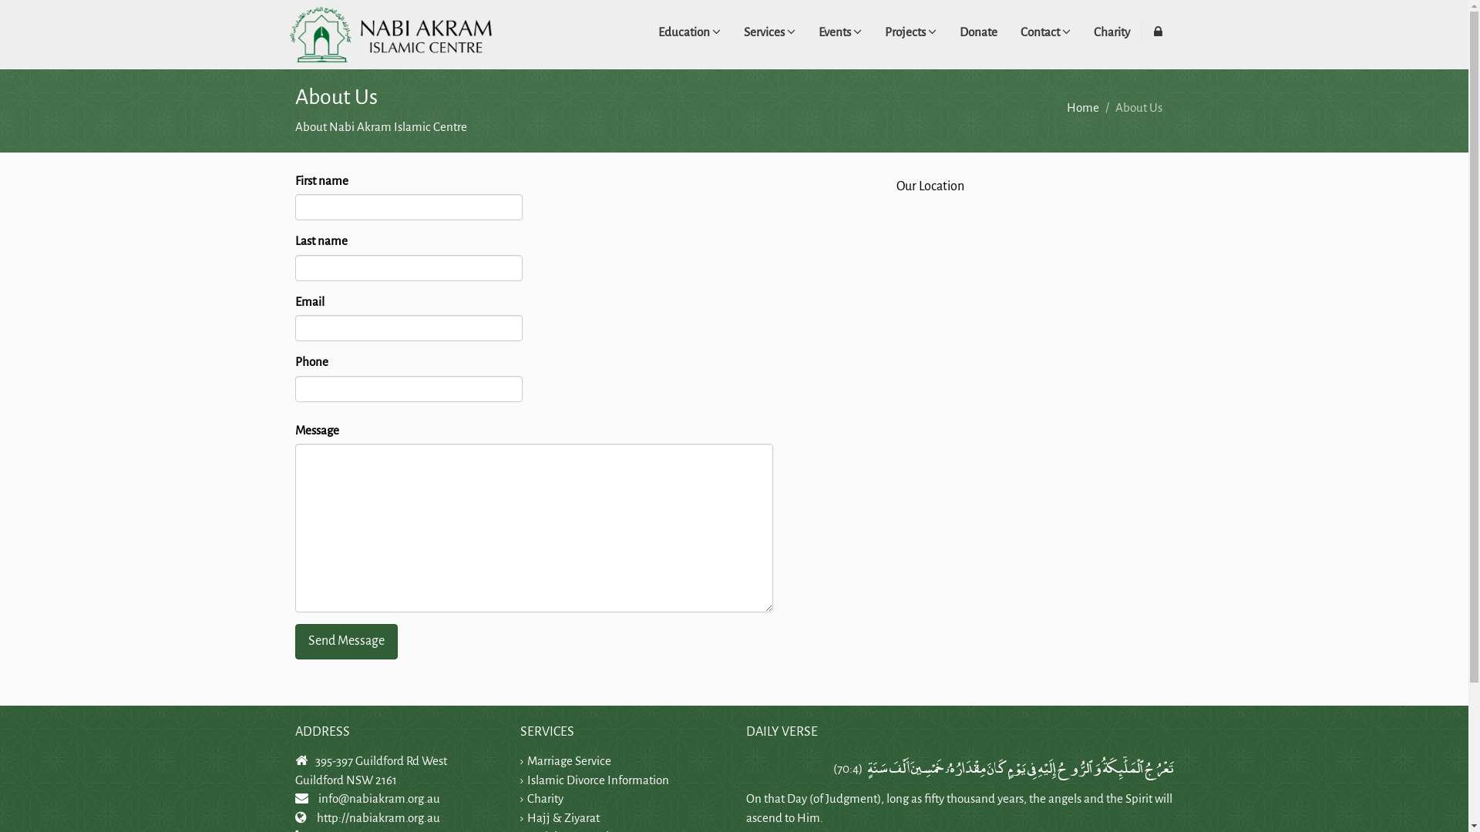 Image resolution: width=1480 pixels, height=832 pixels. What do you see at coordinates (377, 817) in the screenshot?
I see `'http://nabiakram.org.au'` at bounding box center [377, 817].